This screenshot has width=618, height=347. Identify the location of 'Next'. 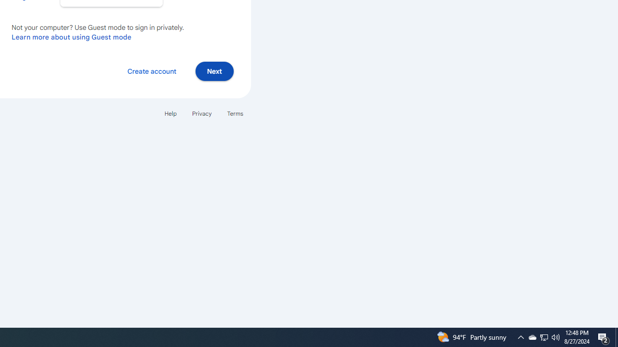
(214, 70).